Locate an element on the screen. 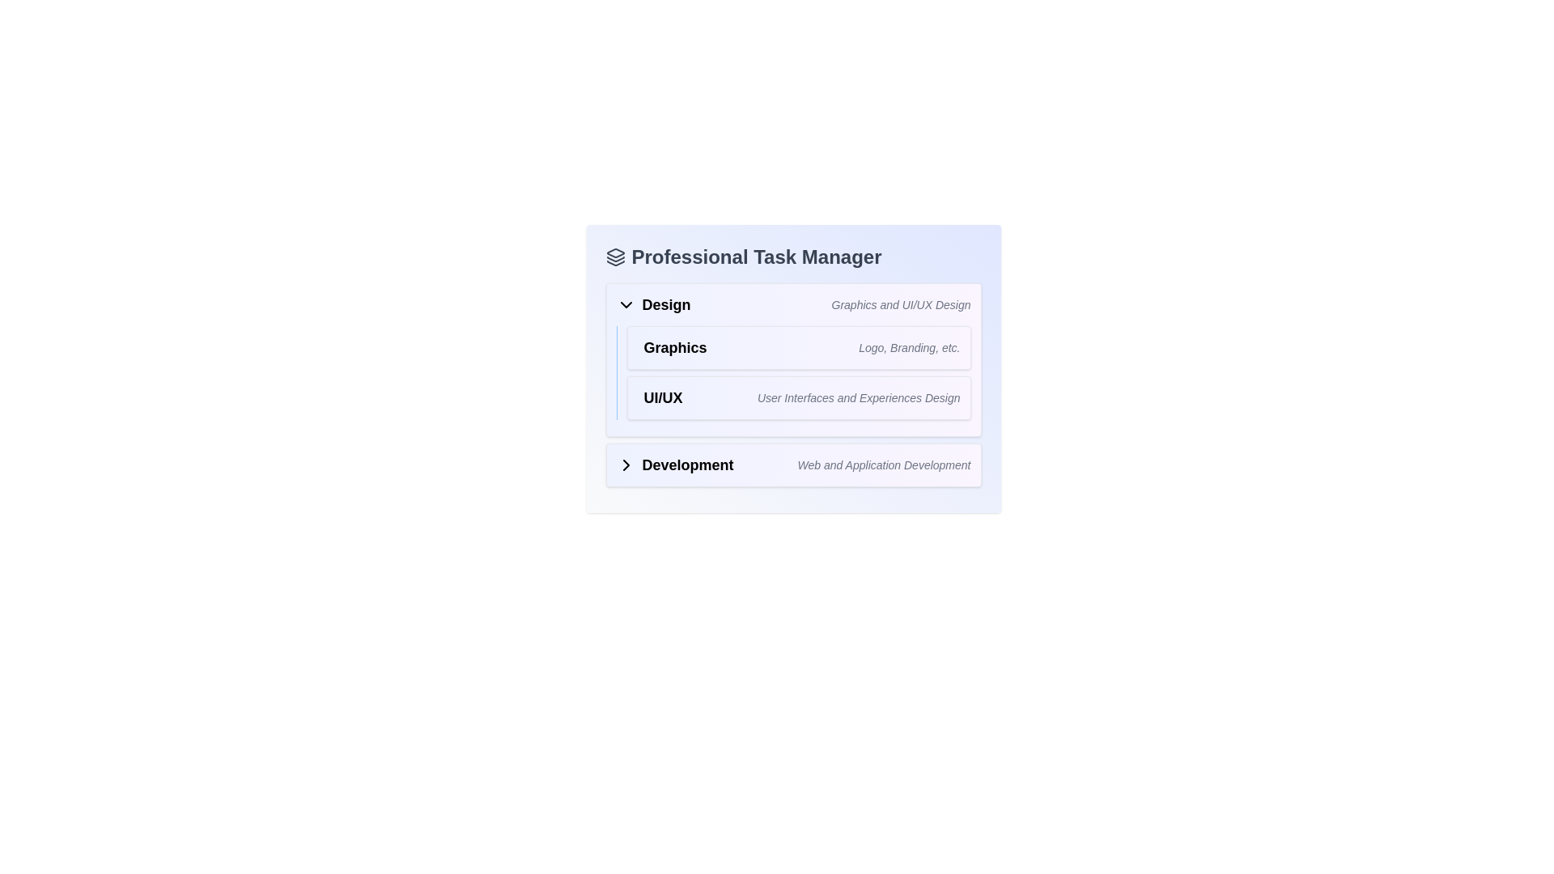  the 'Graphics' card located under the 'Design' section in the 'Professional Task Manager' interface is located at coordinates (793, 359).